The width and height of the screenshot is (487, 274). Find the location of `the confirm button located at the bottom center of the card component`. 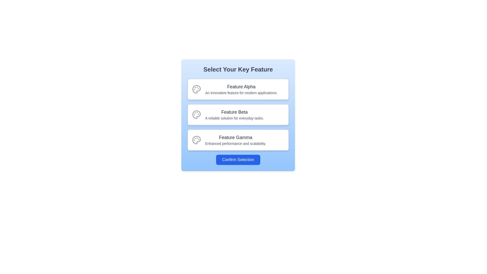

the confirm button located at the bottom center of the card component is located at coordinates (238, 159).